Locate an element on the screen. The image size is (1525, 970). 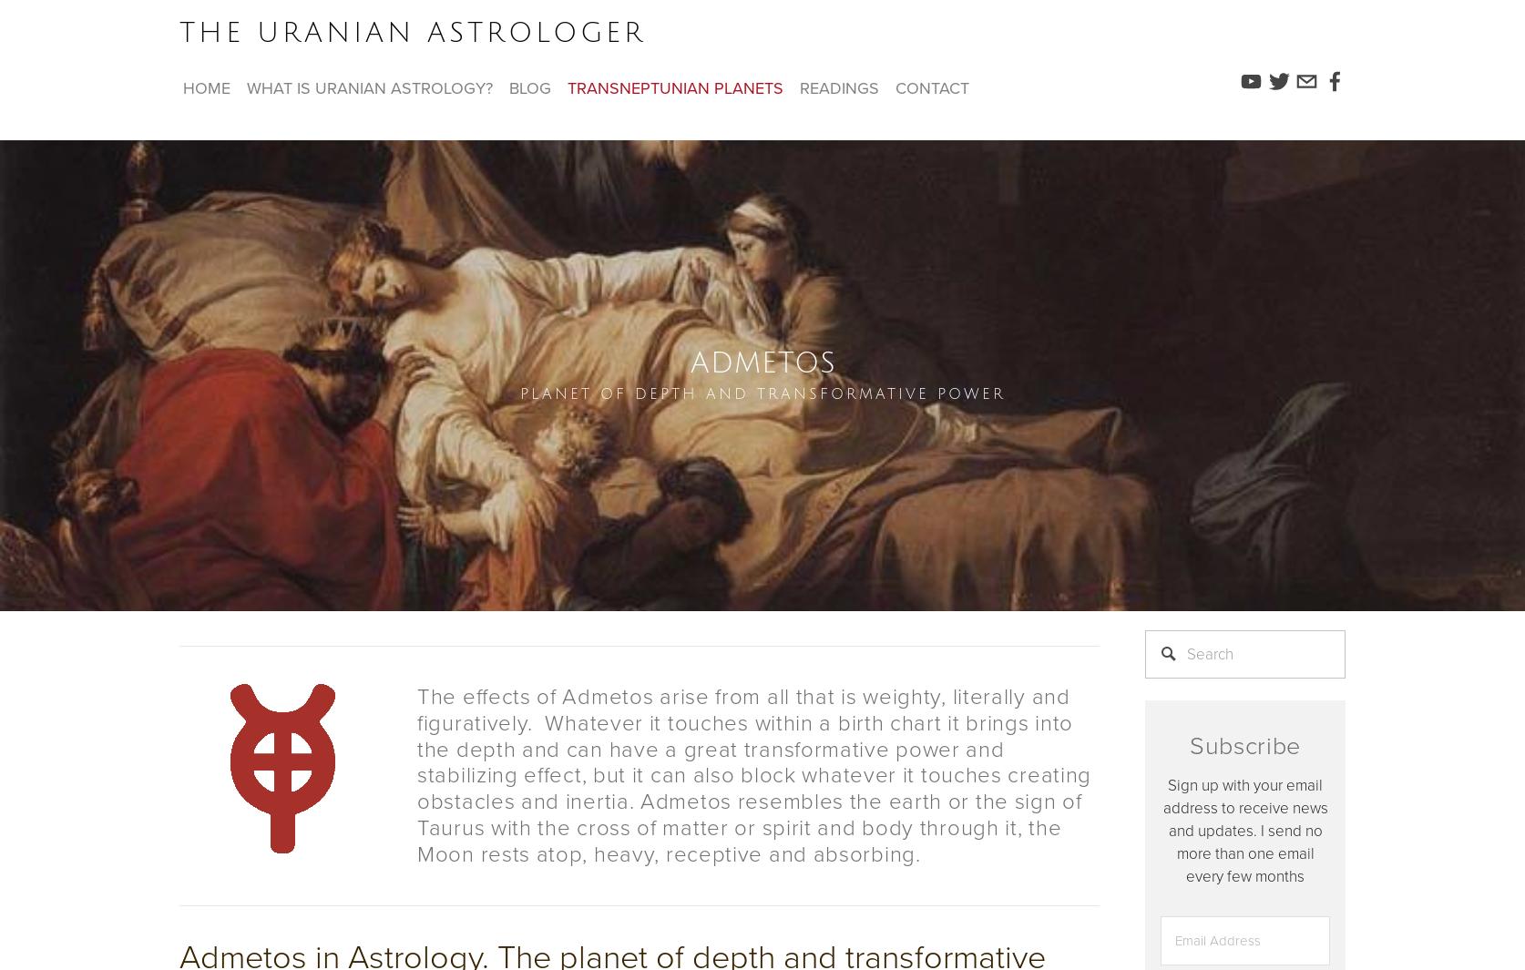
'planet of depth and transformative power' is located at coordinates (761, 393).